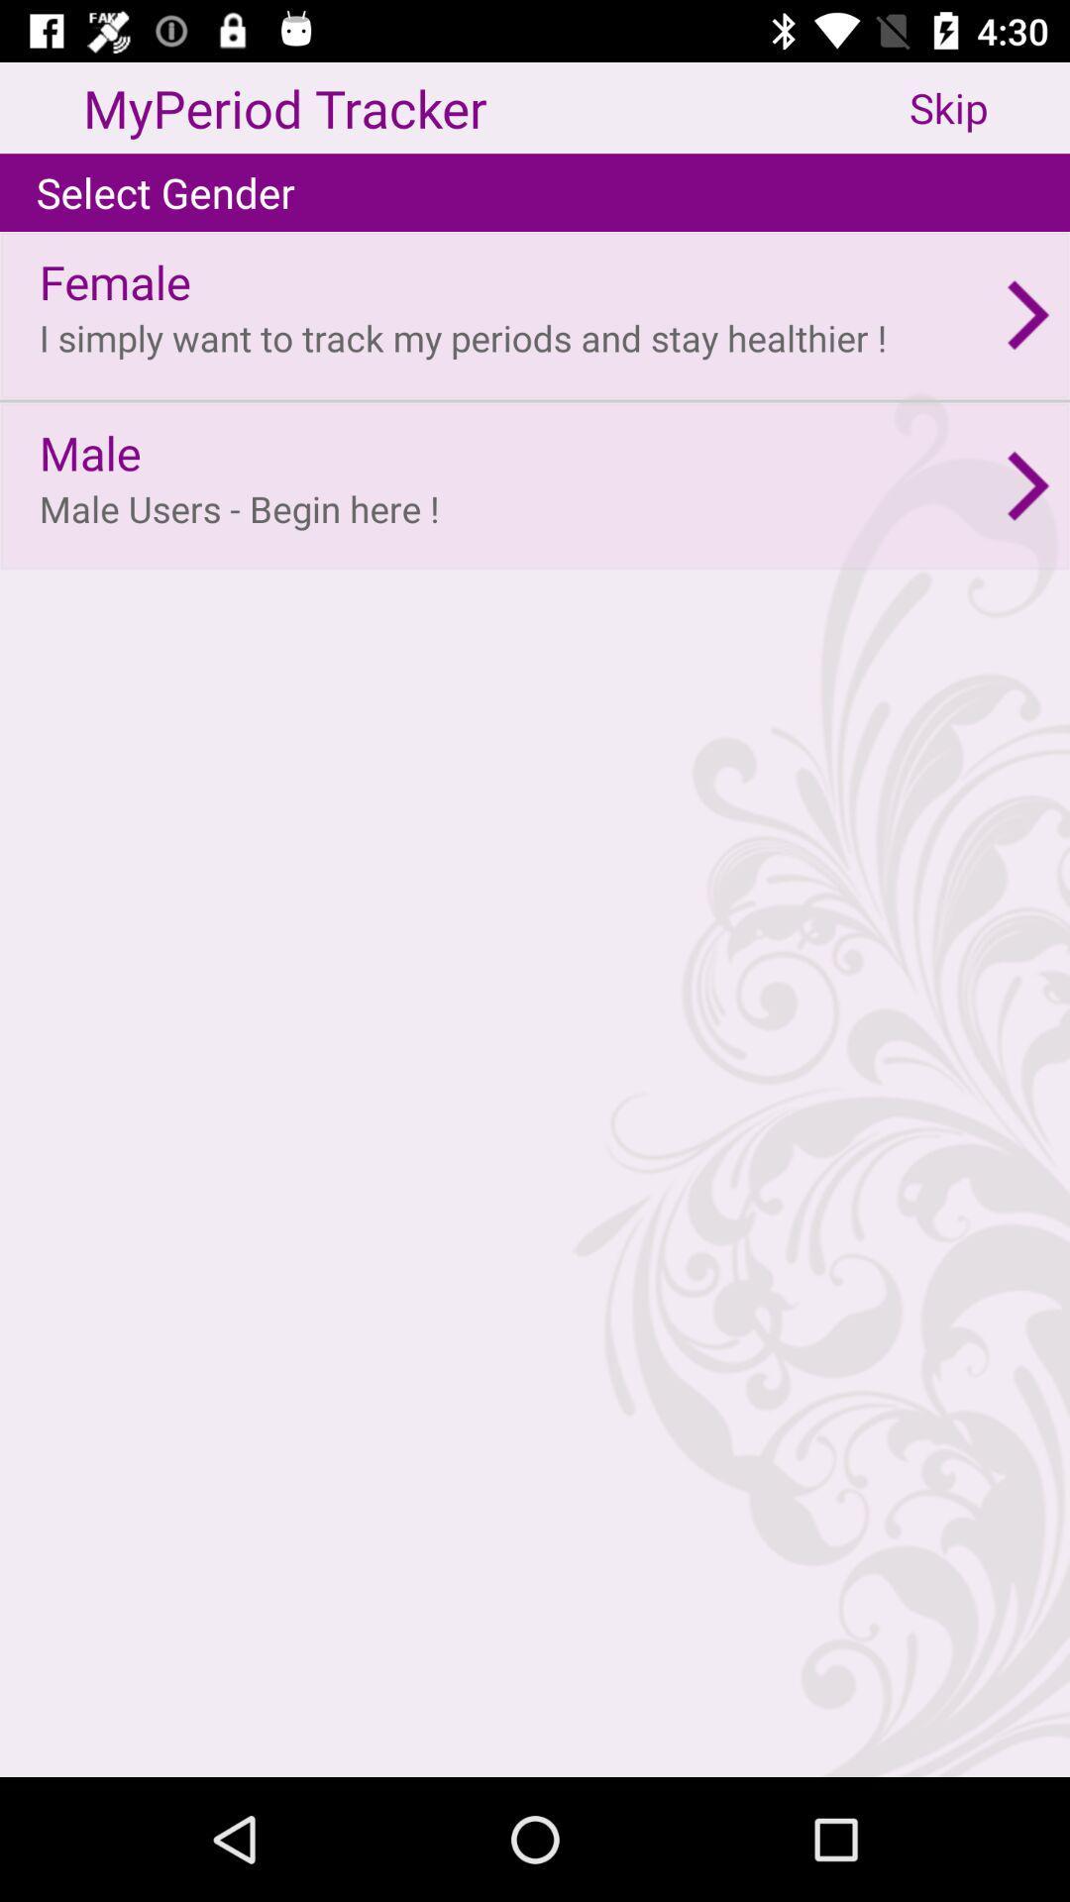  What do you see at coordinates (990, 107) in the screenshot?
I see `the item to the right of the myperiod tracker` at bounding box center [990, 107].